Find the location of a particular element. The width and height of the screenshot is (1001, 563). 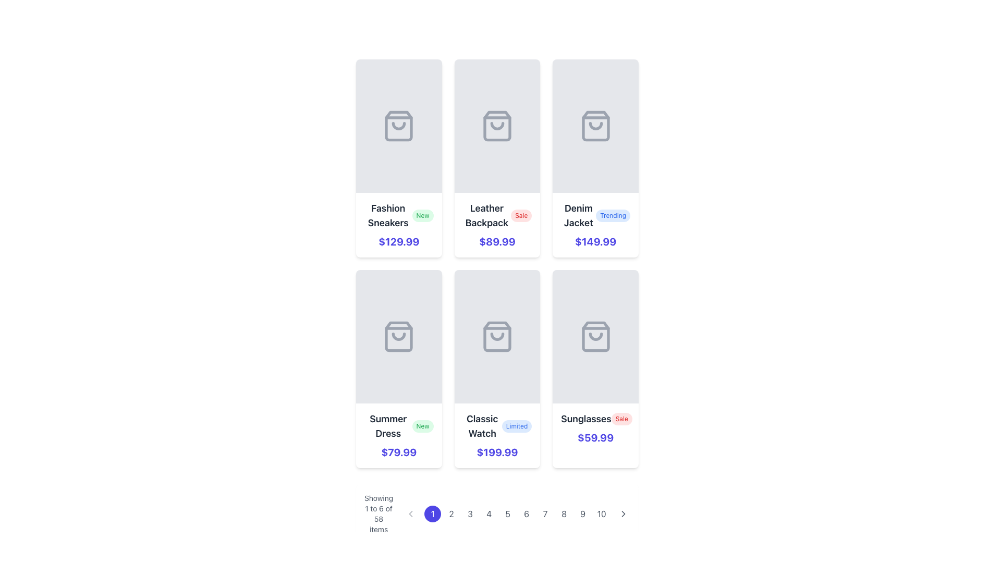

the informational text with the title 'Fashion Sneakers' and the status label 'New' in the top-left product card of the grid layout is located at coordinates (398, 215).